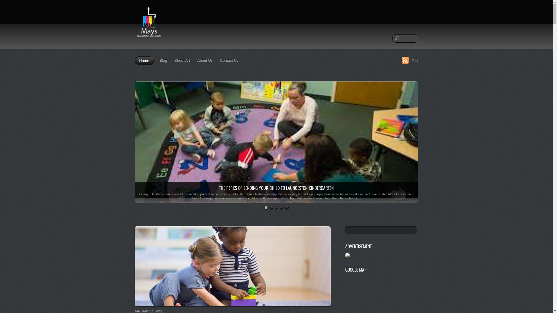  I want to click on '2', so click(271, 208).